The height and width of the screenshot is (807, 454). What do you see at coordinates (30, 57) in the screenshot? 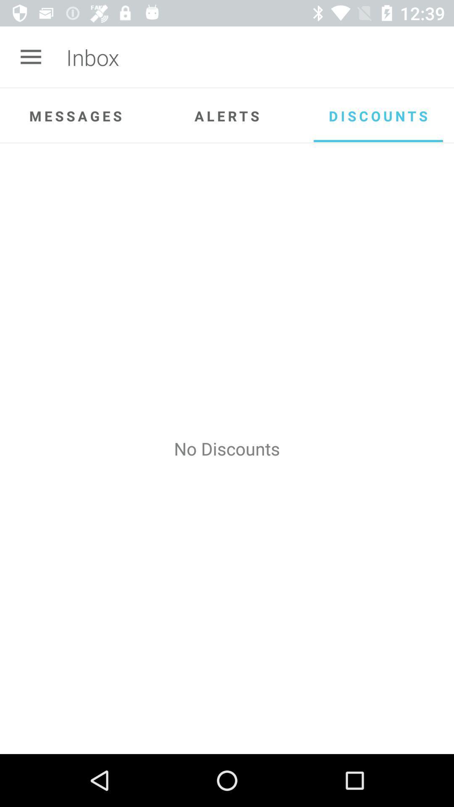
I see `the app next to inbox icon` at bounding box center [30, 57].